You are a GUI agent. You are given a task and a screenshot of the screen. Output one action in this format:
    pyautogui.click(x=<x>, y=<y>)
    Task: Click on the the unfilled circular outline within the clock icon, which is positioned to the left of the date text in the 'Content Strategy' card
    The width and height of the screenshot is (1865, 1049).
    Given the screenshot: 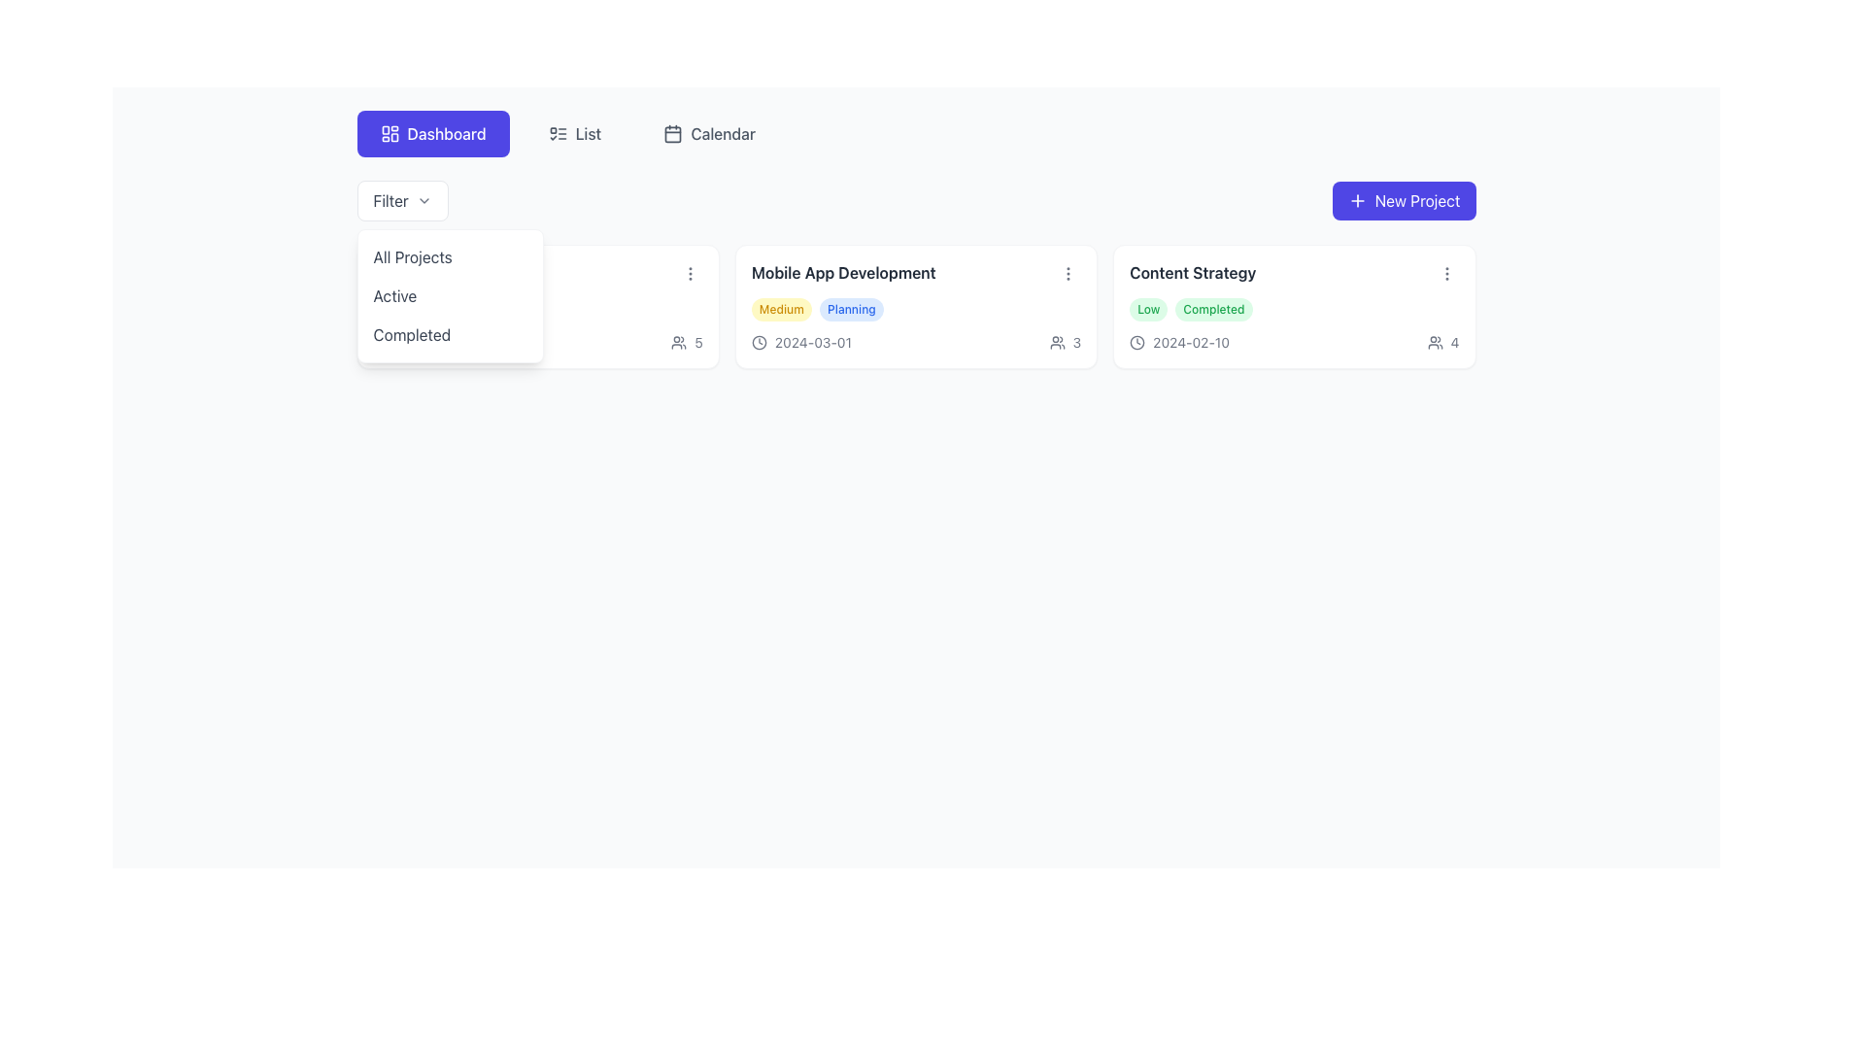 What is the action you would take?
    pyautogui.click(x=1137, y=342)
    